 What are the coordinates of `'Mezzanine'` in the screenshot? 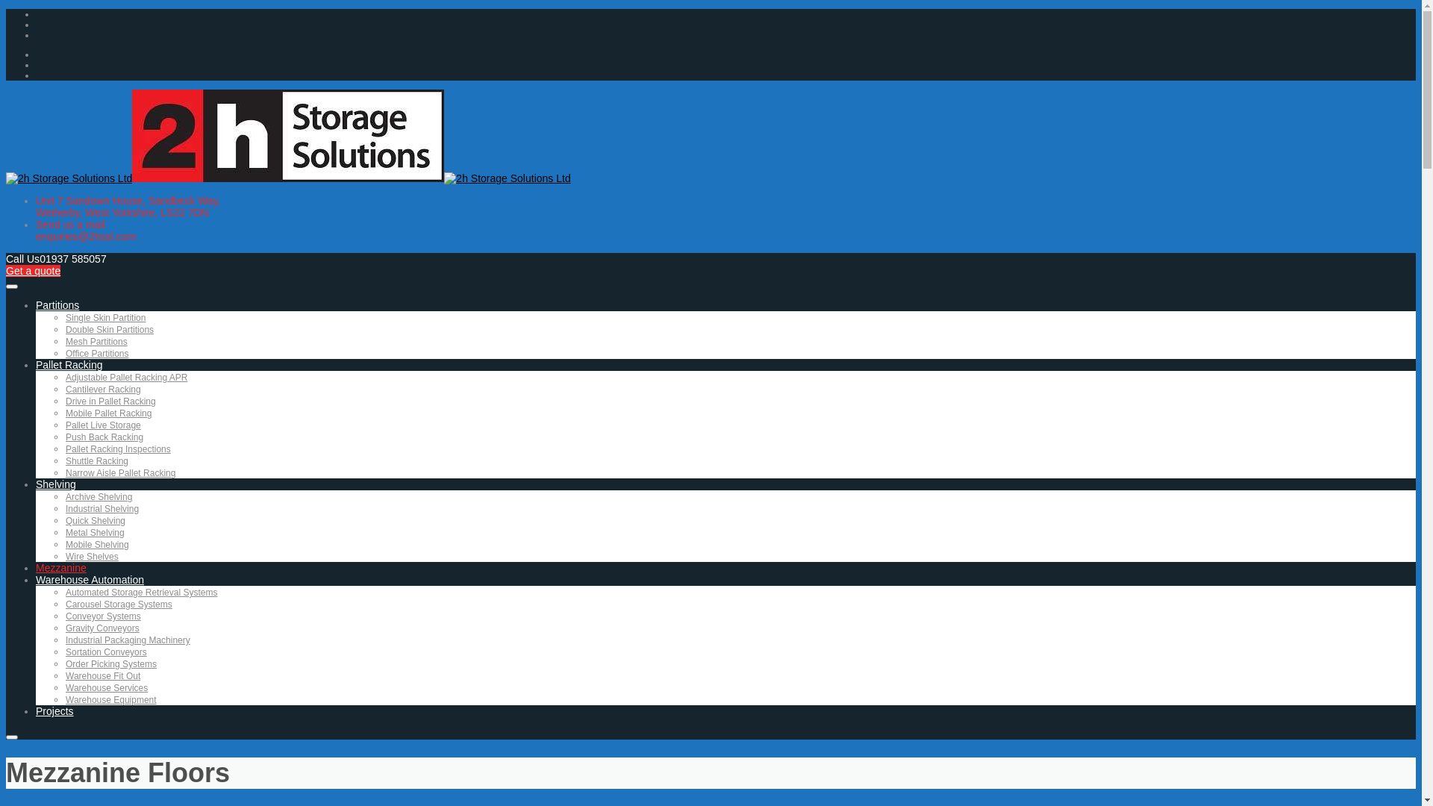 It's located at (60, 567).